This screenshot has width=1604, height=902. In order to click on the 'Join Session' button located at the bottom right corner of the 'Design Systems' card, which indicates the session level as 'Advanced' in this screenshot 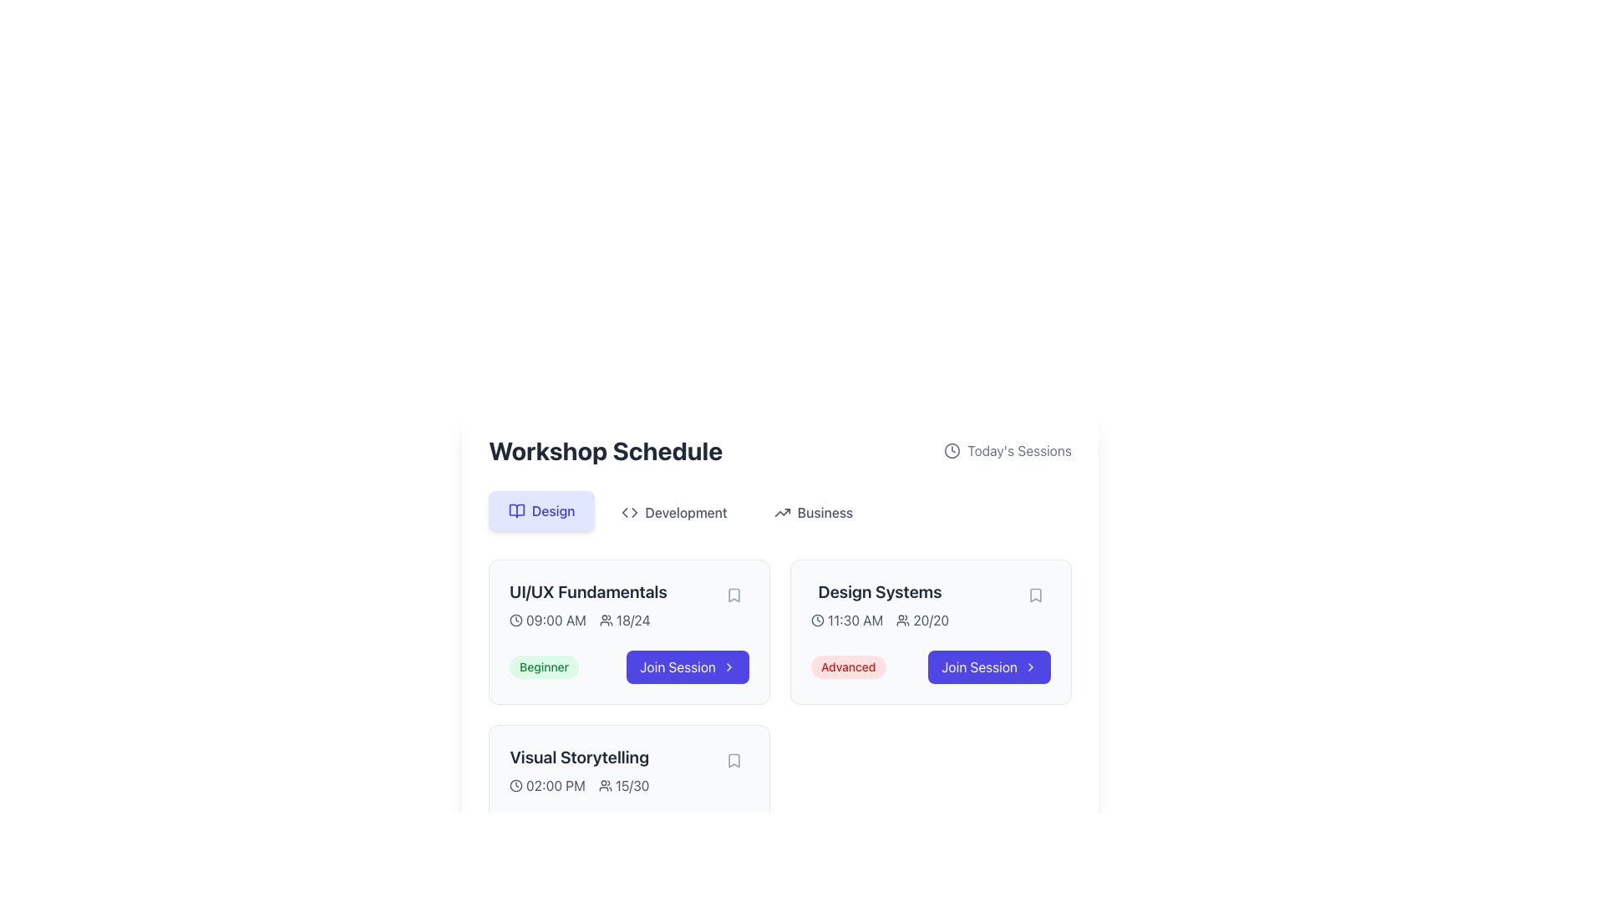, I will do `click(930, 666)`.